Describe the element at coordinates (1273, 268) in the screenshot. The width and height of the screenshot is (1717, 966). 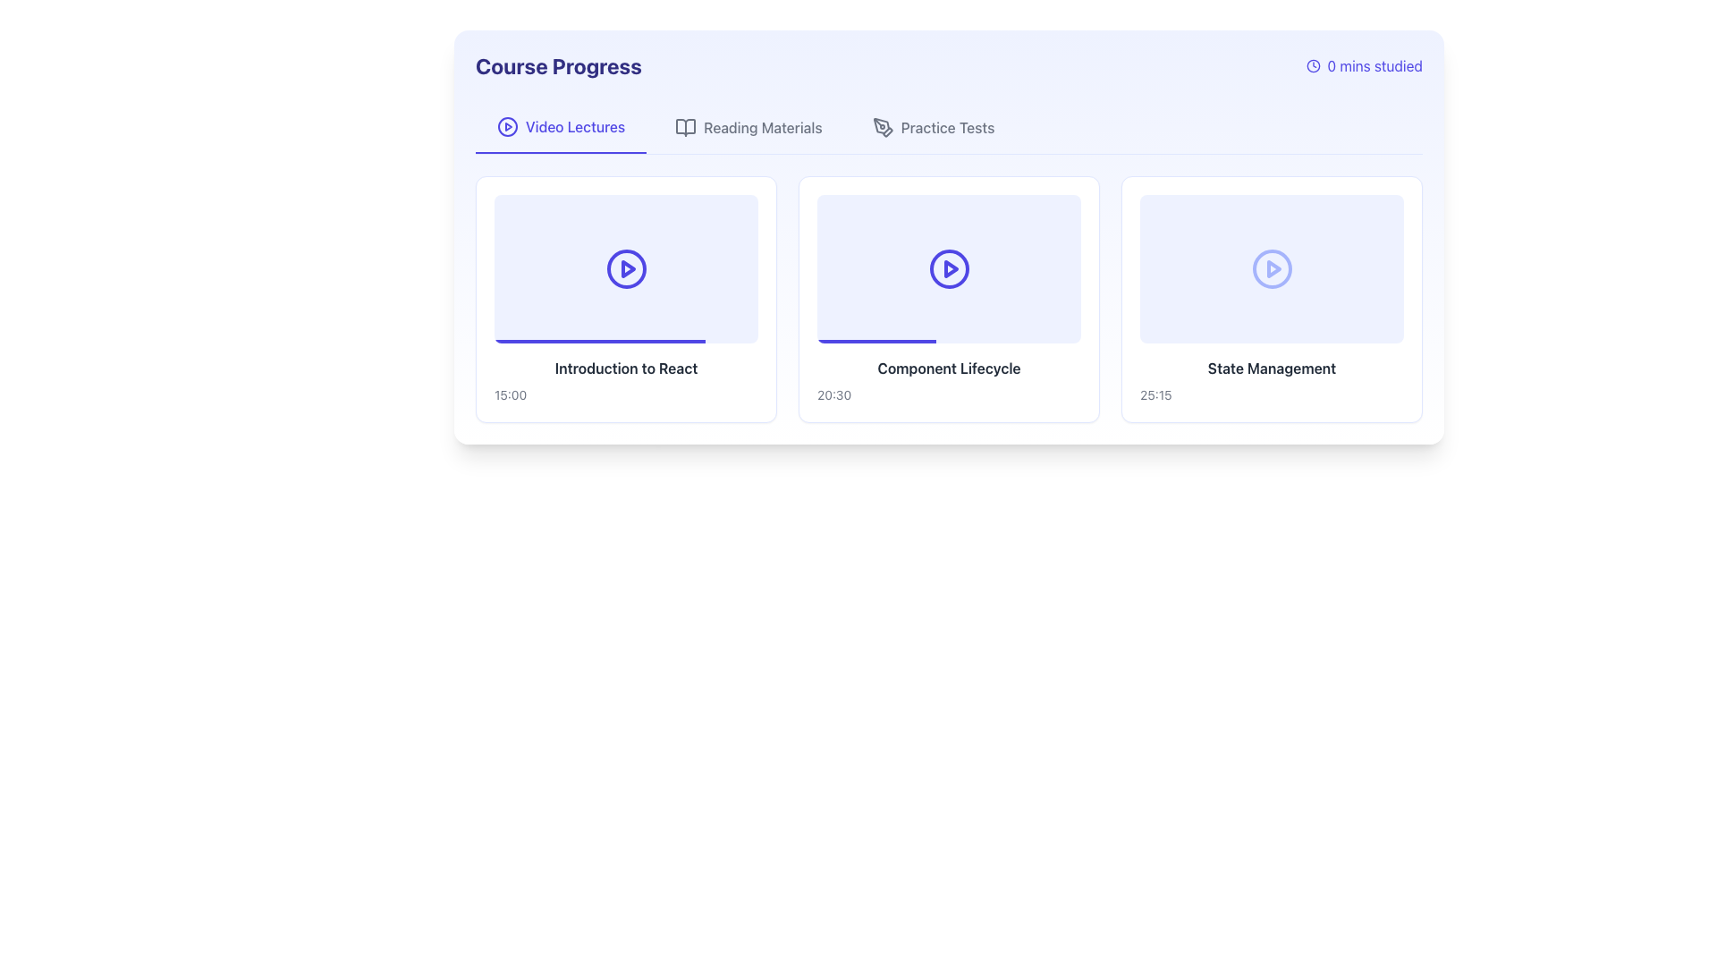
I see `the triangular play icon located in the center of the circular button to initiate video playback, which is positioned above the 'State Management' video title in the last column of the grid` at that location.